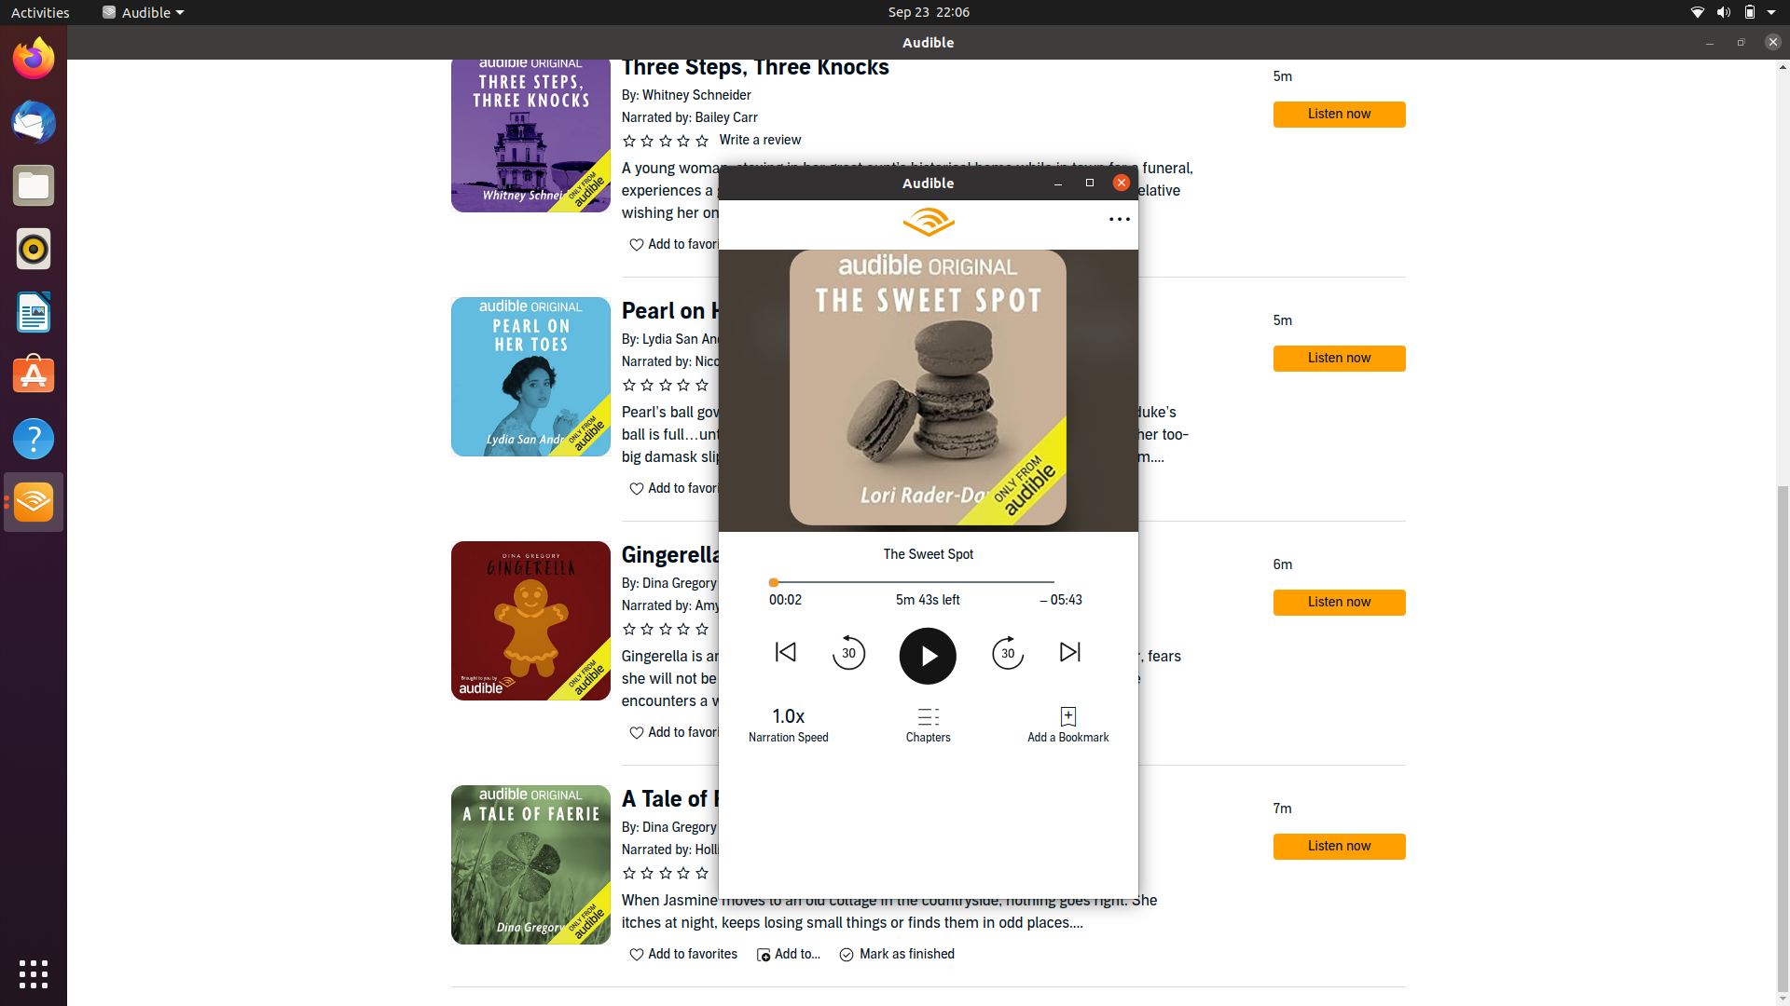 Image resolution: width=1790 pixels, height=1006 pixels. I want to click on Reset the narration speed to the previously used pace, so click(789, 721).